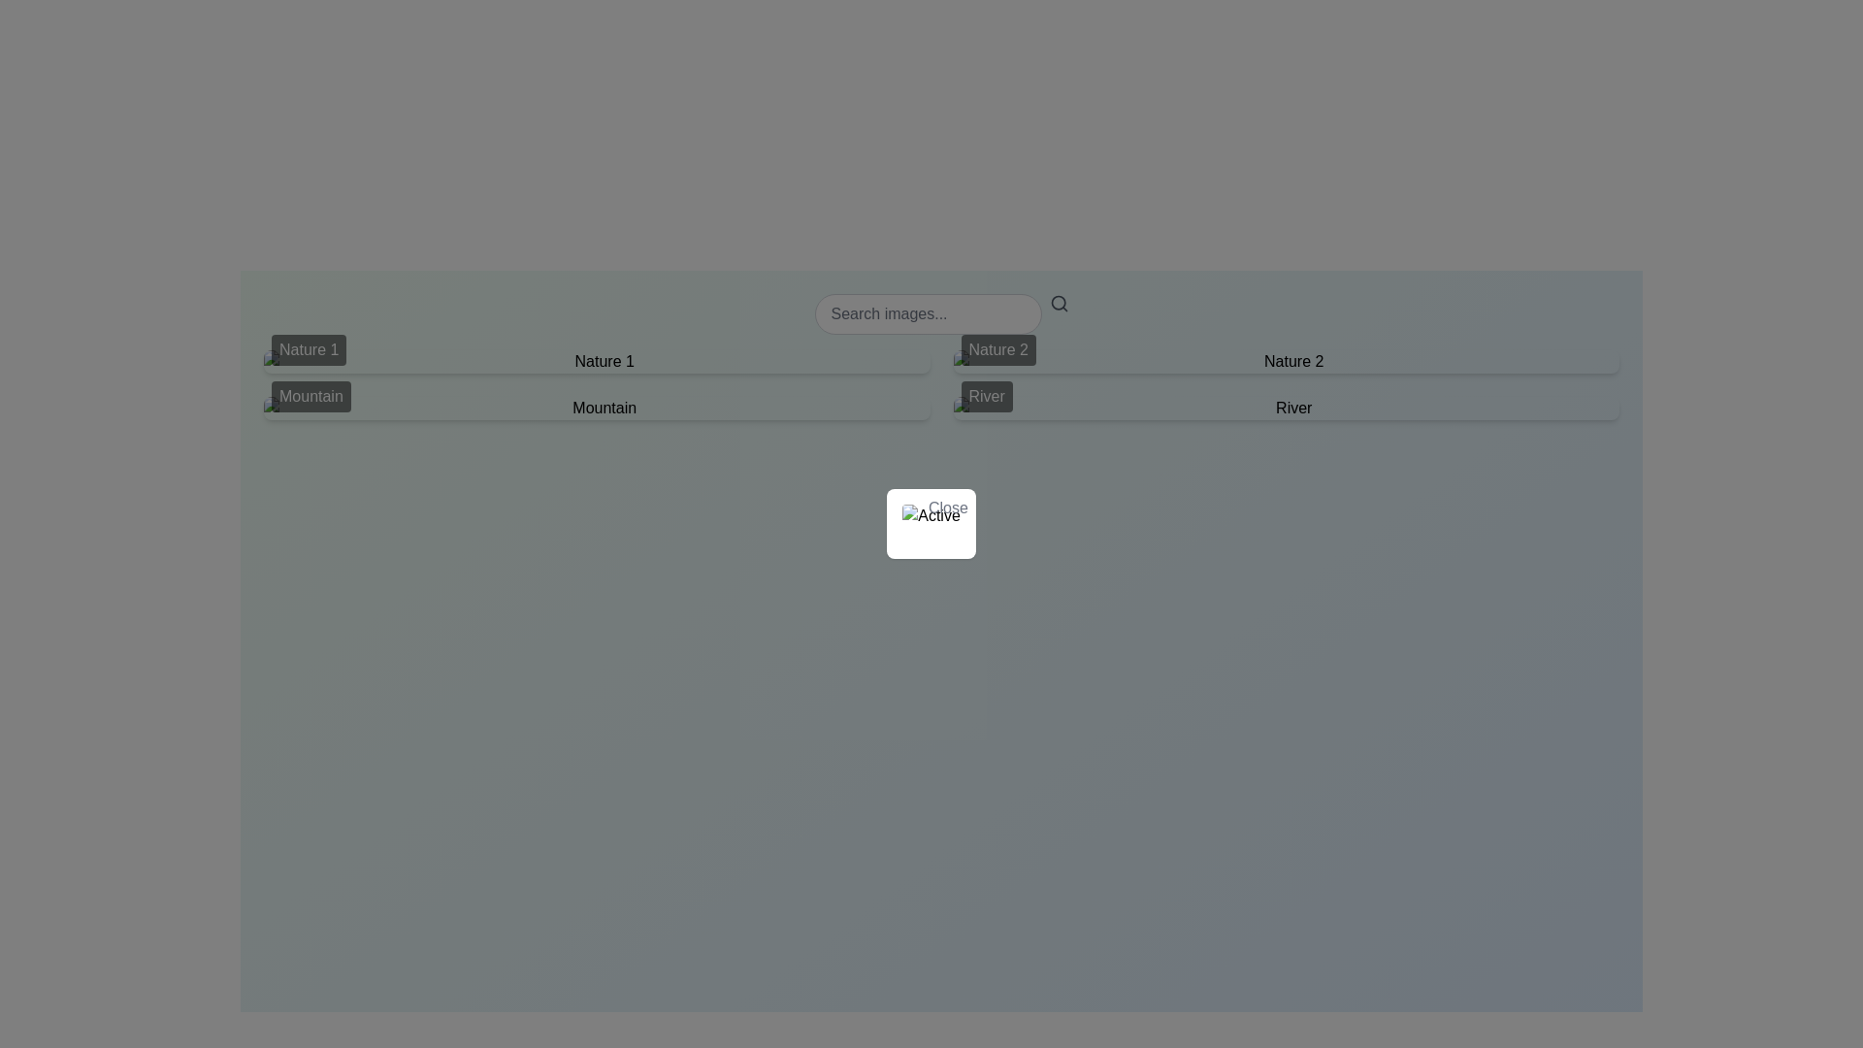 The image size is (1863, 1048). What do you see at coordinates (596, 407) in the screenshot?
I see `the selectable option in the first column of the second row of the selection grid` at bounding box center [596, 407].